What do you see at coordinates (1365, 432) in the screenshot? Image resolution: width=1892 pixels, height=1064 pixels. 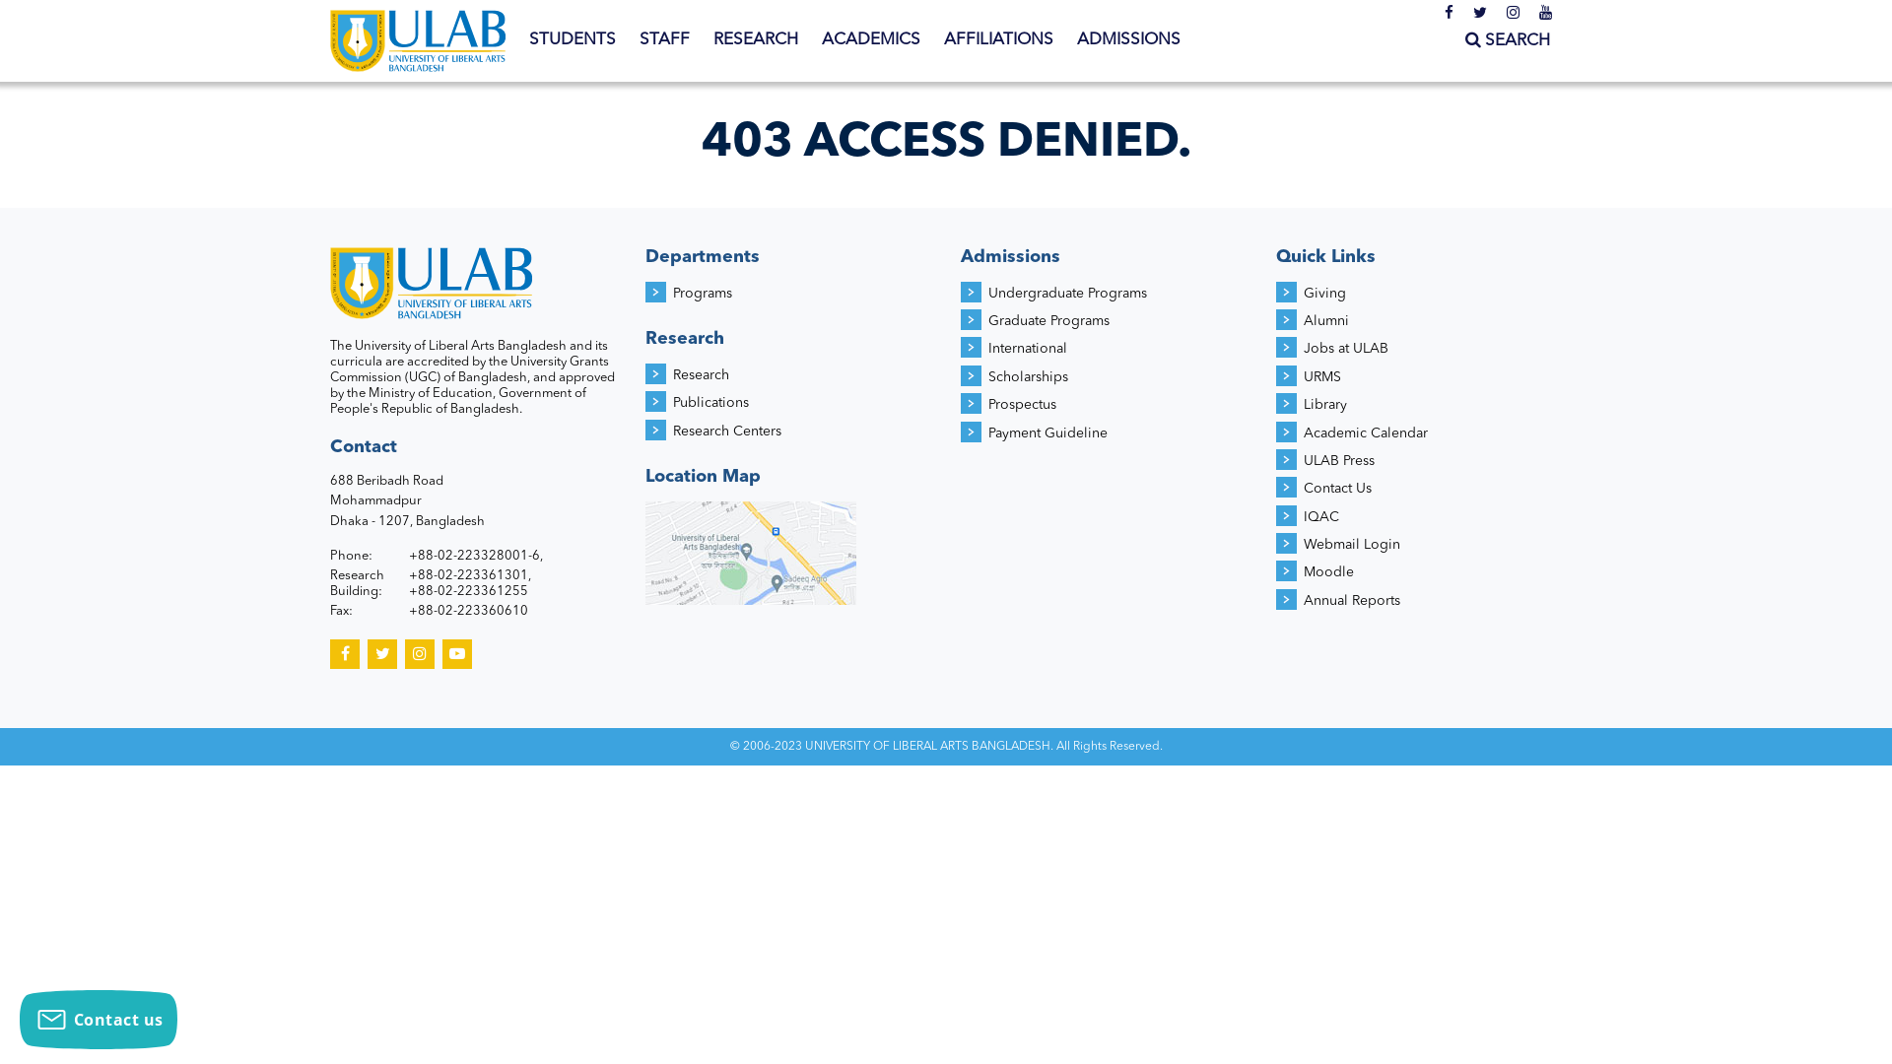 I see `'Academic Calendar'` at bounding box center [1365, 432].